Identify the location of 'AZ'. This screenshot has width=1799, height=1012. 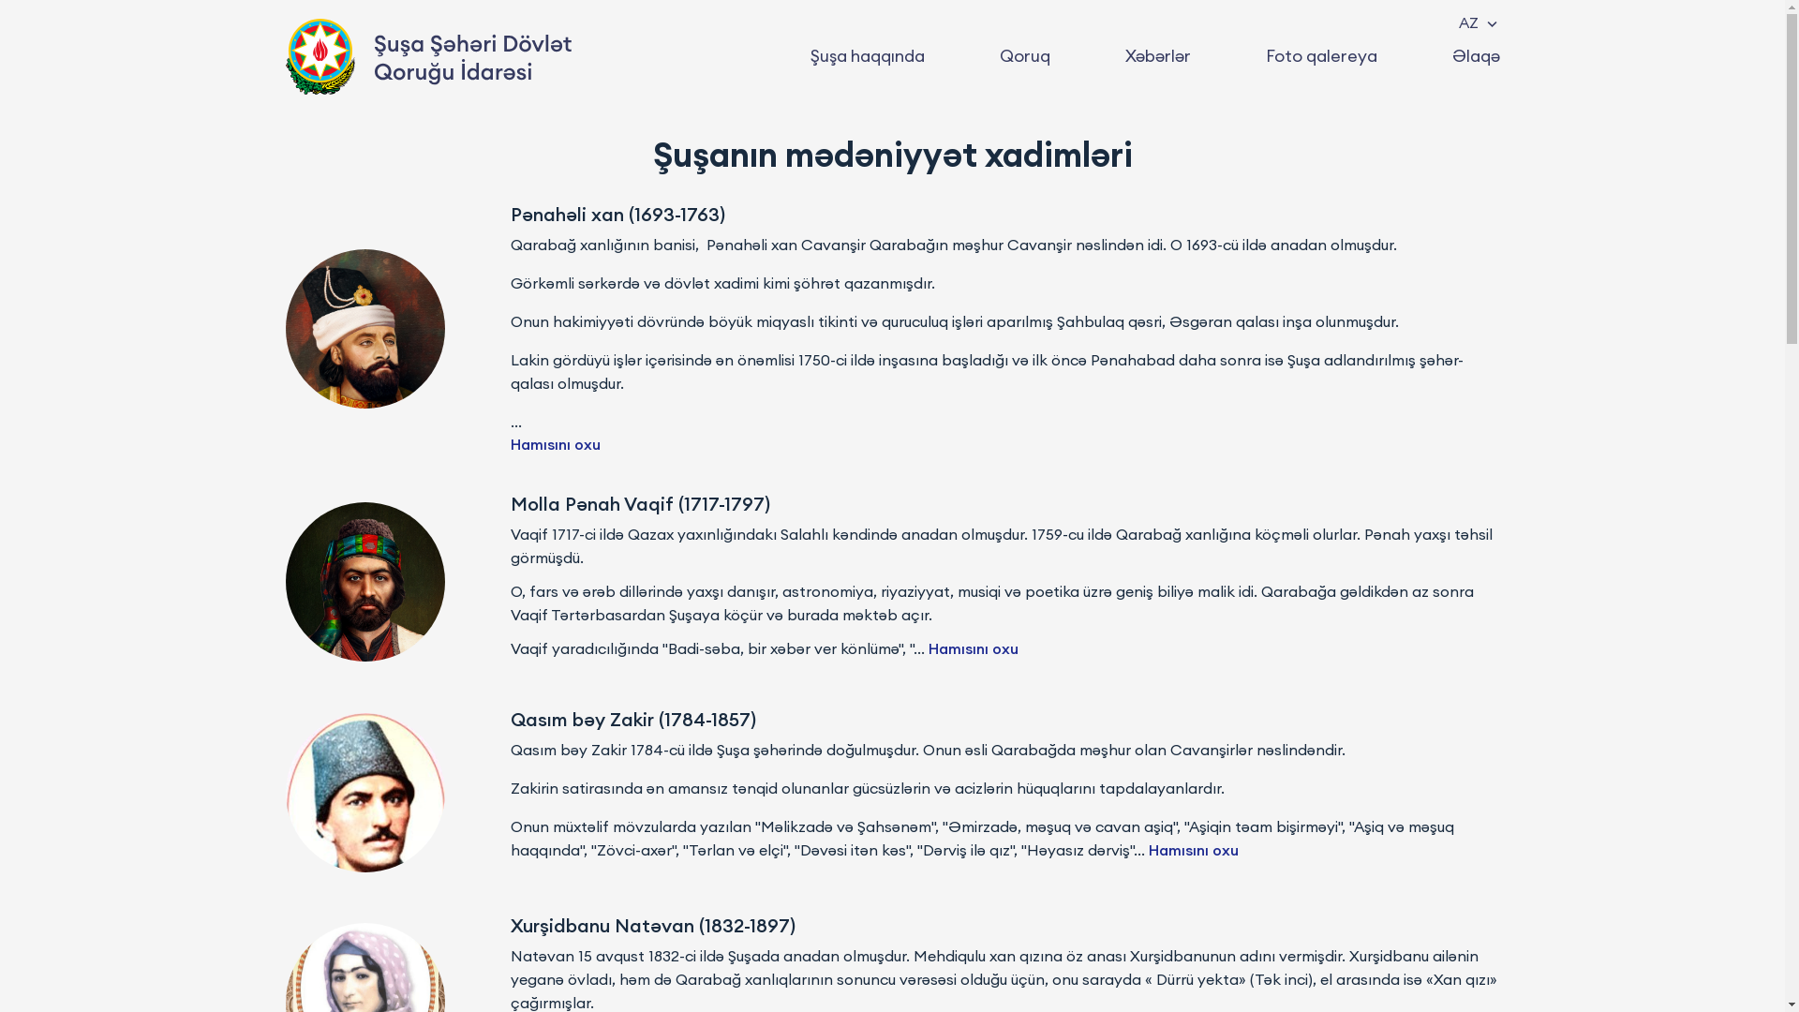
(1476, 22).